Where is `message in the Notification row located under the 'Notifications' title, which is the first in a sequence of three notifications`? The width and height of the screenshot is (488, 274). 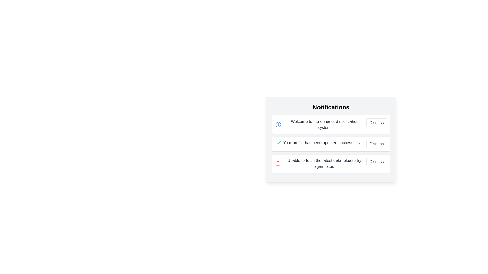 message in the Notification row located under the 'Notifications' title, which is the first in a sequence of three notifications is located at coordinates (331, 124).